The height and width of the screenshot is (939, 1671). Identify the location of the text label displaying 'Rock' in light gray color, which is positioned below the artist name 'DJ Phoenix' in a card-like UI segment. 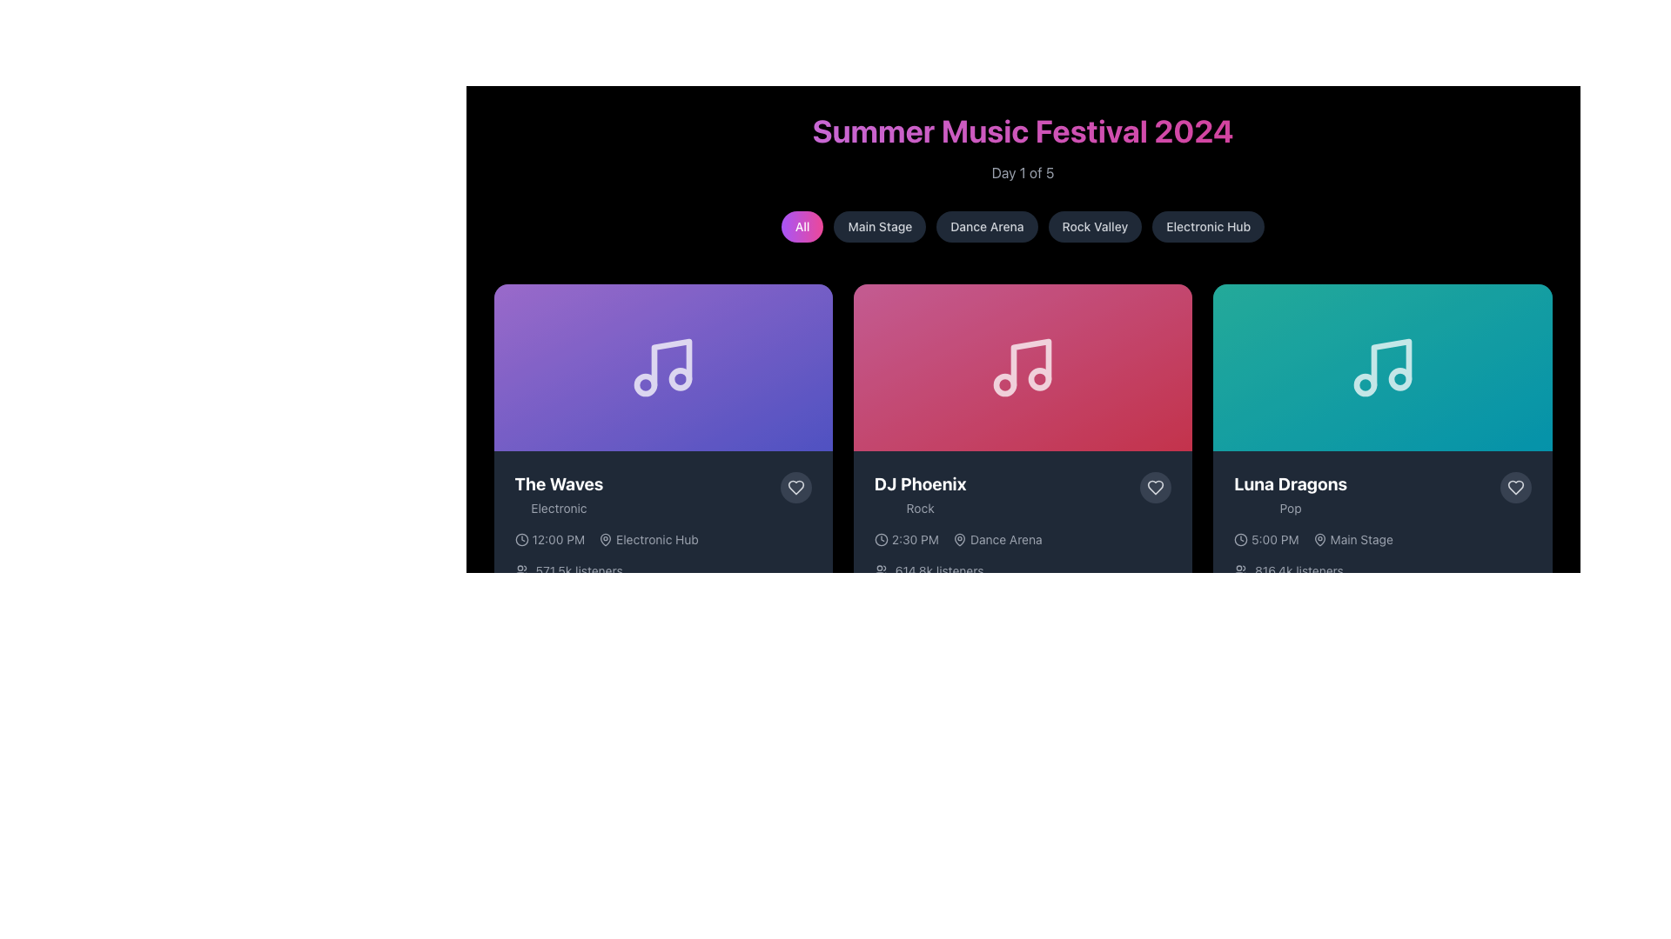
(919, 509).